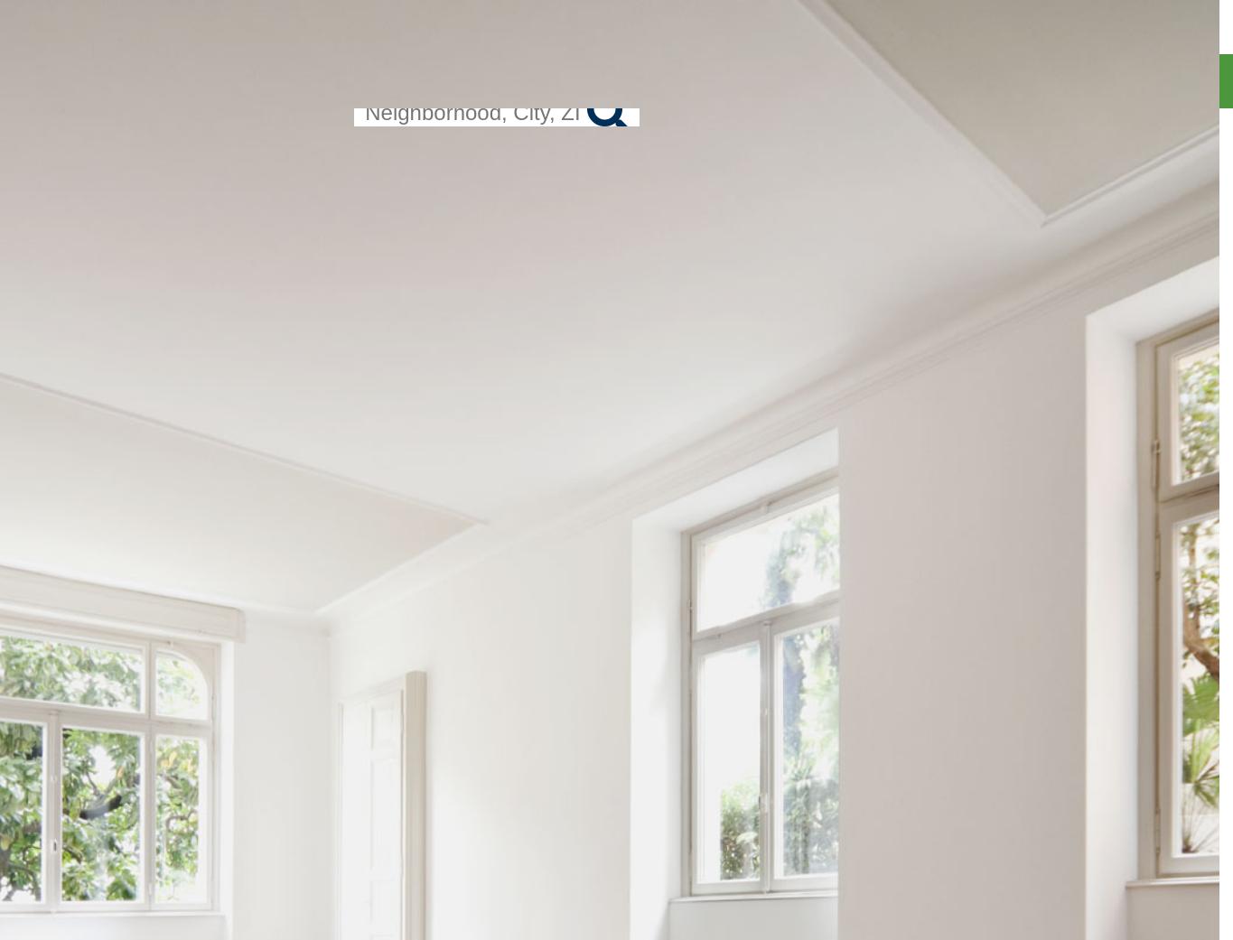 The image size is (1233, 940). Describe the element at coordinates (1162, 132) in the screenshot. I see `'Sellers'` at that location.